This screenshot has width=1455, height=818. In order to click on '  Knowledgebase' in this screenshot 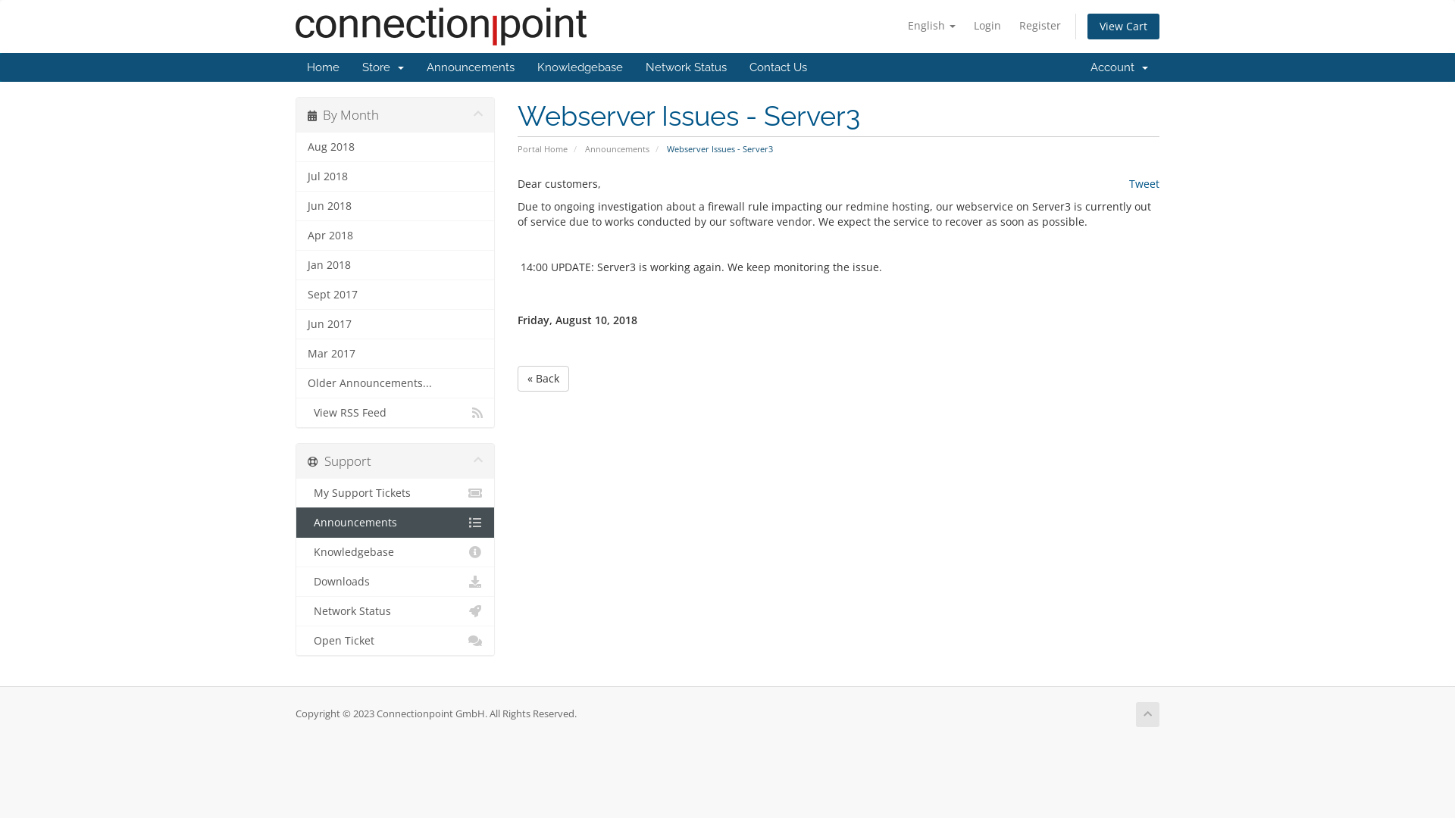, I will do `click(395, 552)`.